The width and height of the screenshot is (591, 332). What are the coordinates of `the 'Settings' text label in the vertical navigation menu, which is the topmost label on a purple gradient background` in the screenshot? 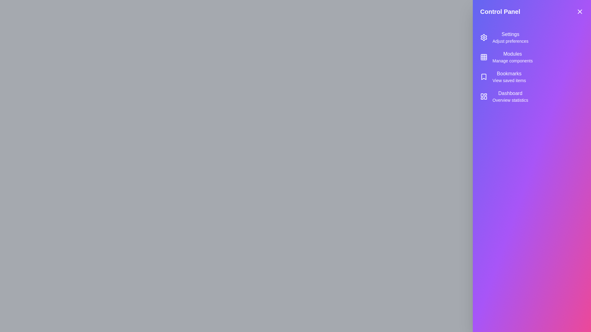 It's located at (510, 34).